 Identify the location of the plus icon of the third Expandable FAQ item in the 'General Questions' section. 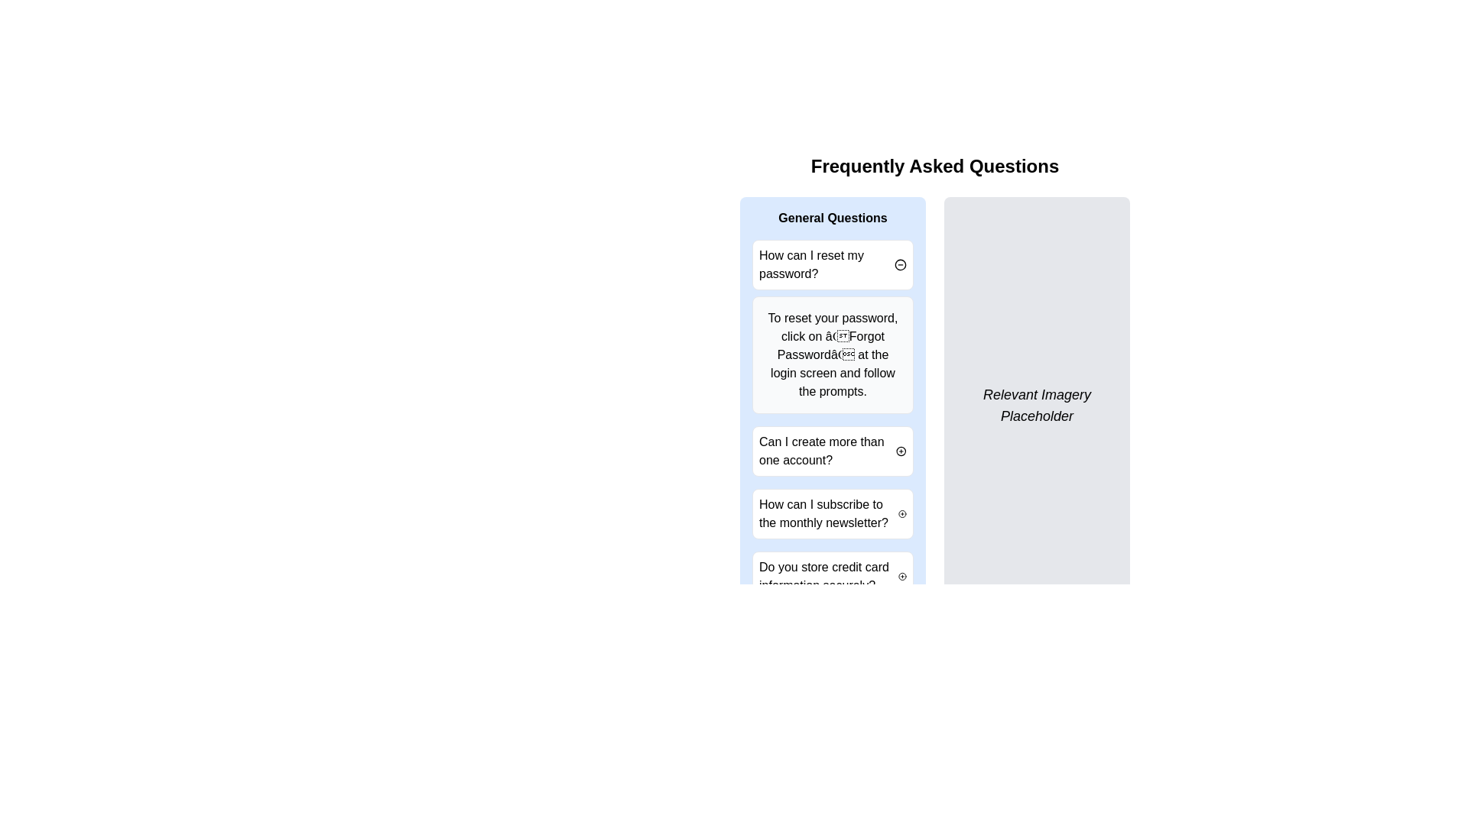
(832, 450).